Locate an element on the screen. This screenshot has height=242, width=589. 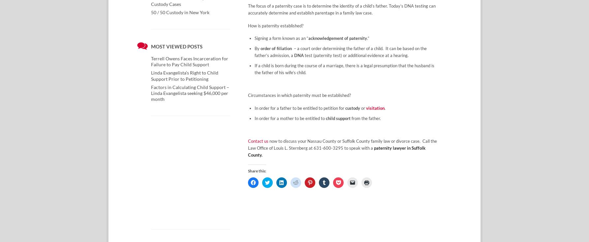
'Signing a form known as an “' is located at coordinates (254, 38).